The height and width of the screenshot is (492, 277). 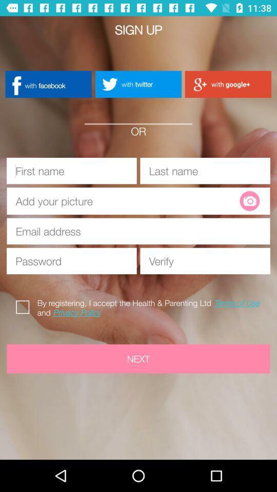 I want to click on next button, so click(x=138, y=359).